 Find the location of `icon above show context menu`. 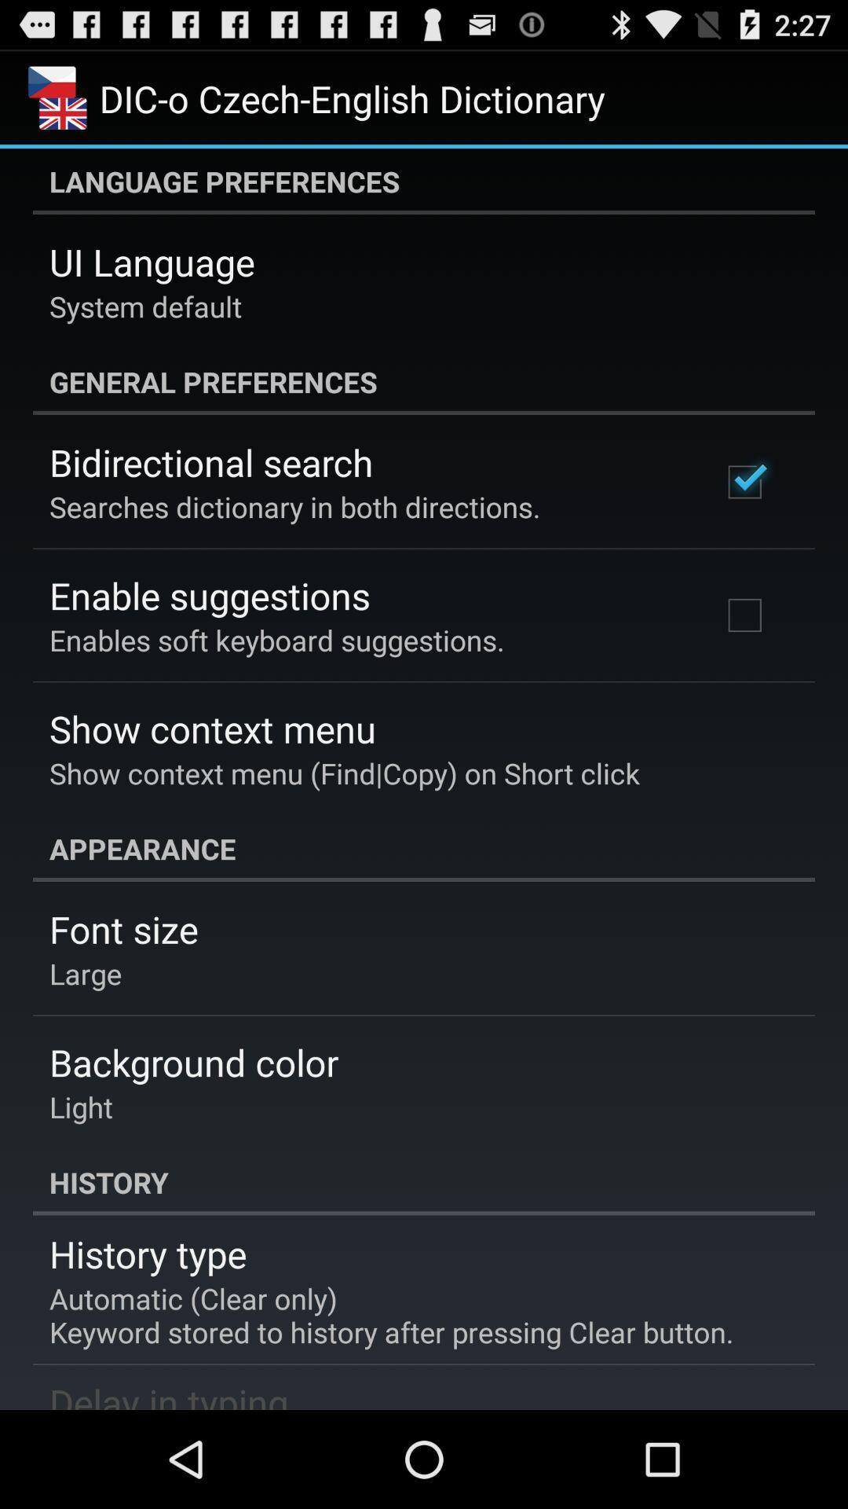

icon above show context menu is located at coordinates (276, 640).